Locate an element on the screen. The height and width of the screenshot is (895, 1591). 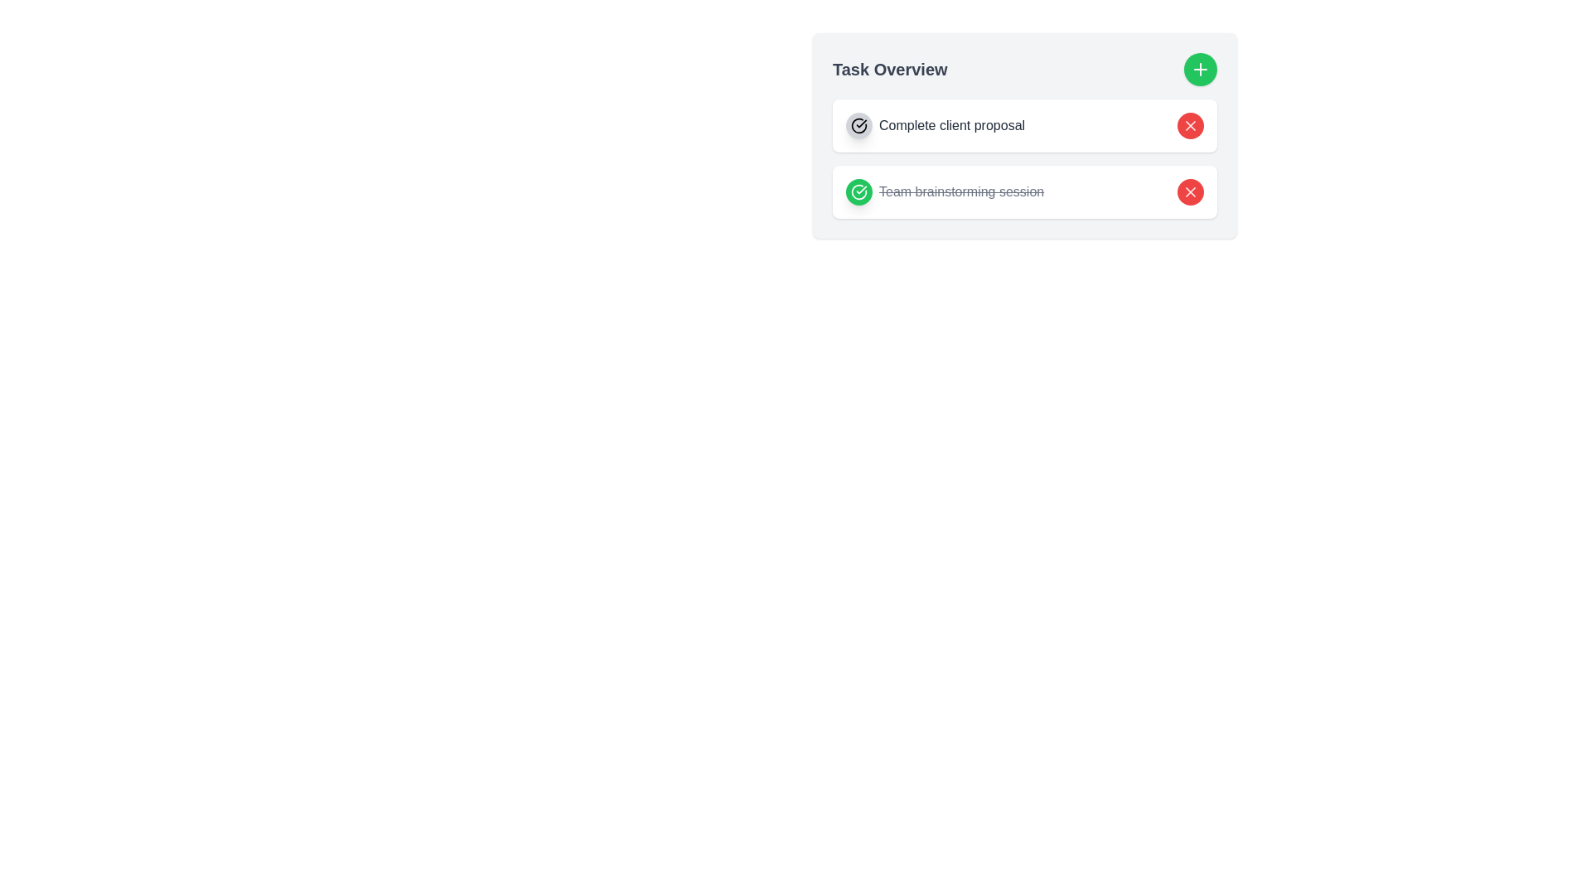
the circular green button with a white plus icon located in the upper-right corner of the 'Task Overview' section is located at coordinates (1201, 69).